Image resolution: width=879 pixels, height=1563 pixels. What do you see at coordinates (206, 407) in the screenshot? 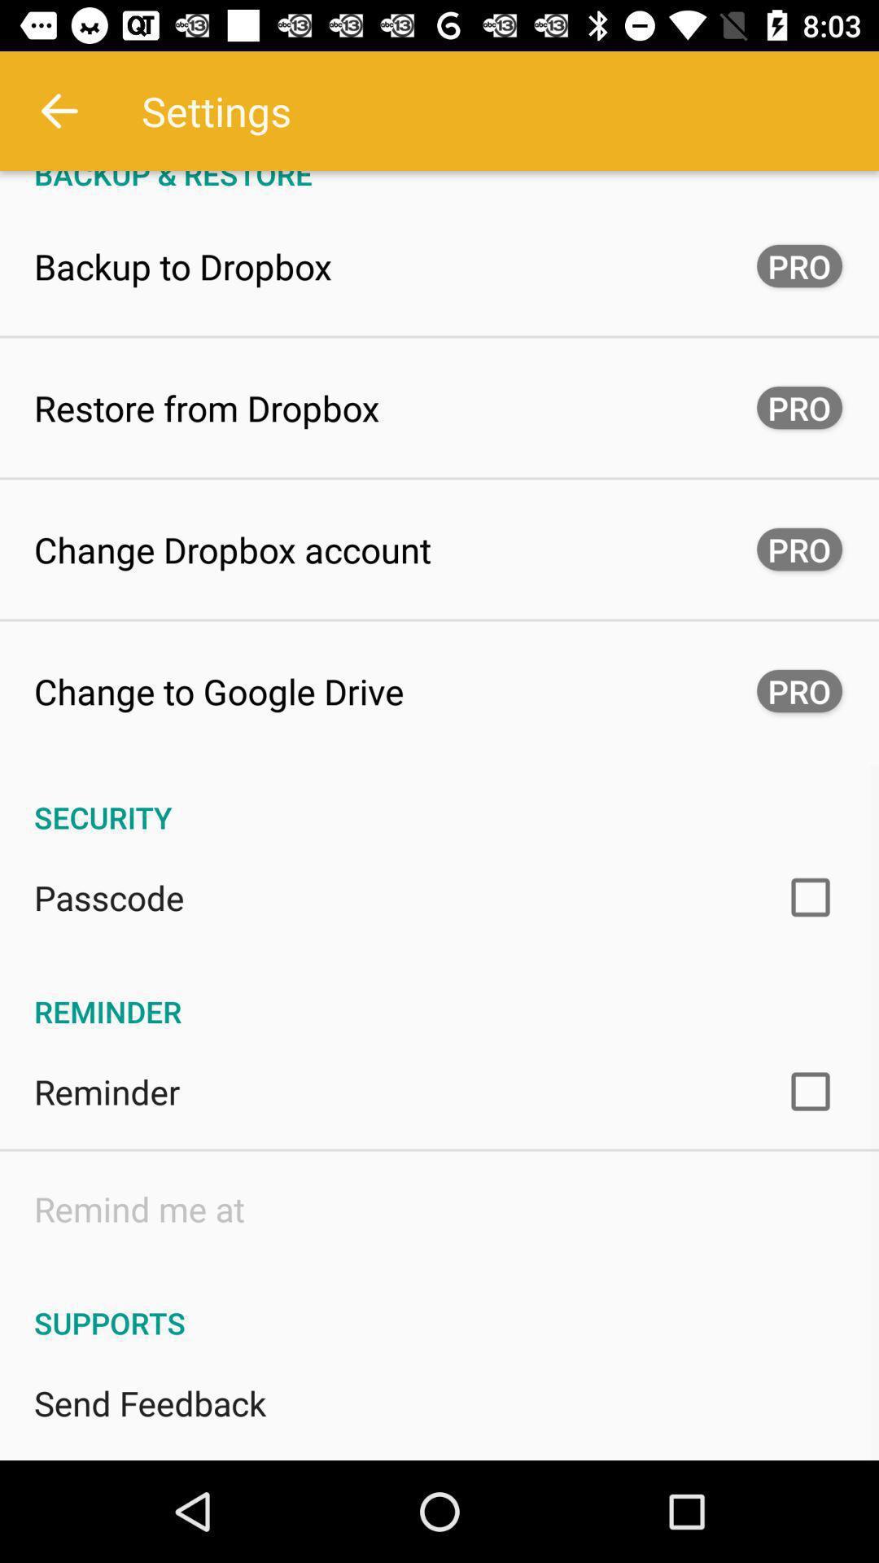
I see `the item above the change dropbox account` at bounding box center [206, 407].